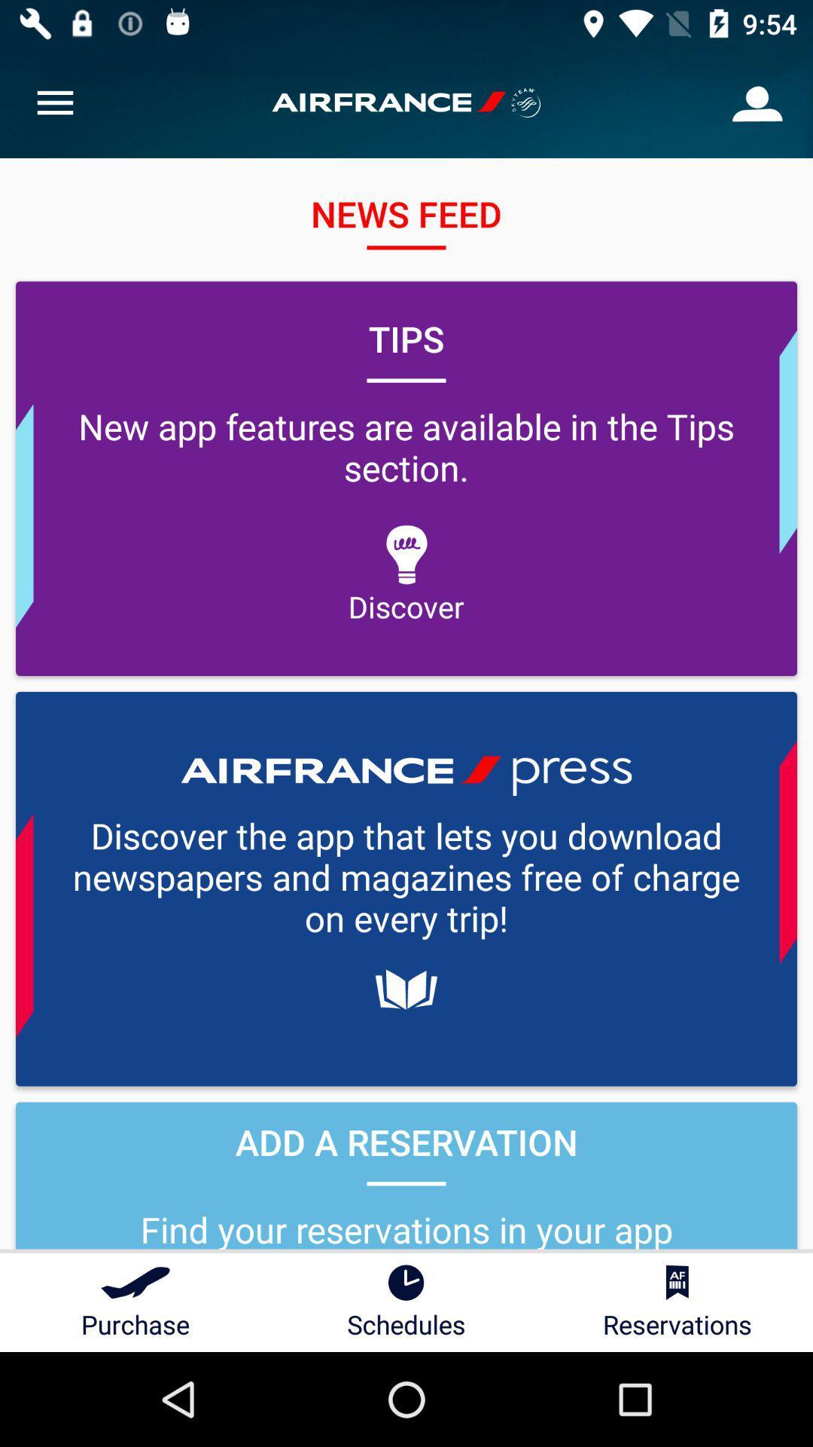 This screenshot has height=1447, width=813. Describe the element at coordinates (757, 102) in the screenshot. I see `the icon above the tips icon` at that location.